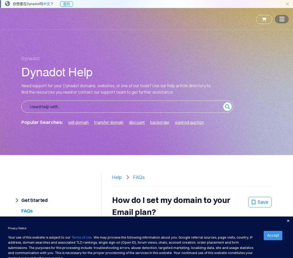 The height and width of the screenshot is (258, 293). Describe the element at coordinates (160, 122) in the screenshot. I see `'backorder'` at that location.